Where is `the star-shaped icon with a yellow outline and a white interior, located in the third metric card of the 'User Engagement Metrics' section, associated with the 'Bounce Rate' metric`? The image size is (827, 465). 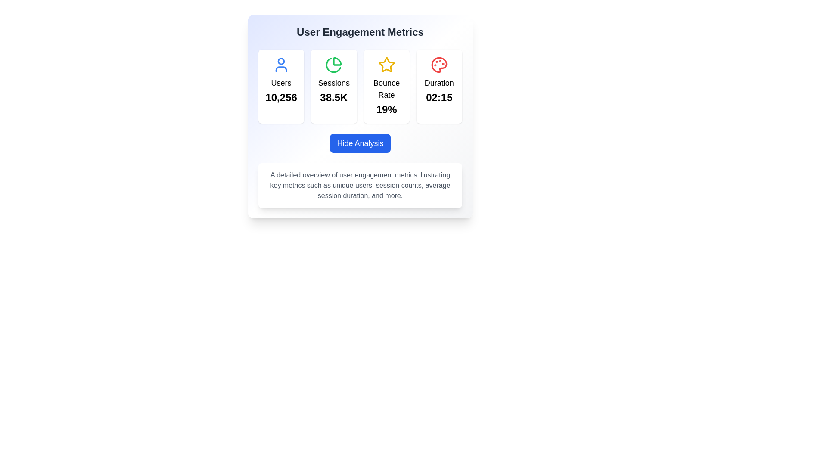 the star-shaped icon with a yellow outline and a white interior, located in the third metric card of the 'User Engagement Metrics' section, associated with the 'Bounce Rate' metric is located at coordinates (386, 64).